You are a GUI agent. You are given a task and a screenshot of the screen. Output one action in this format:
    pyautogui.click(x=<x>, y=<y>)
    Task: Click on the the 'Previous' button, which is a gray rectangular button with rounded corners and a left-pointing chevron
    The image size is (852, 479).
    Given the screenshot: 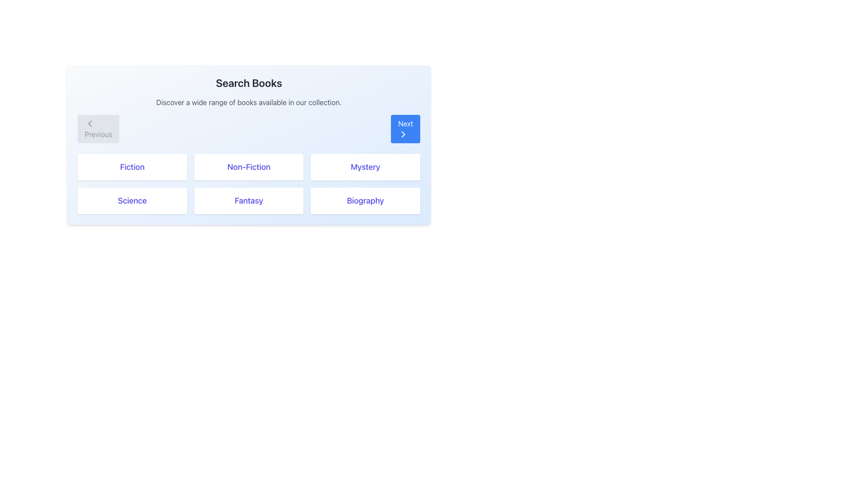 What is the action you would take?
    pyautogui.click(x=99, y=129)
    